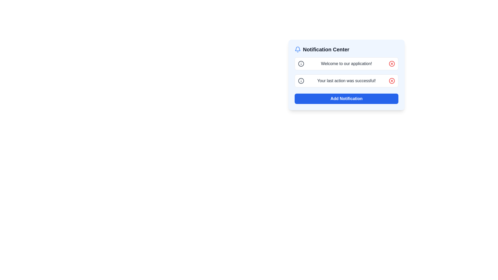 This screenshot has height=280, width=498. Describe the element at coordinates (346, 96) in the screenshot. I see `the blue button with white bold text saying 'Add Notification' located at the bottom center of the 'Notification Center' section` at that location.